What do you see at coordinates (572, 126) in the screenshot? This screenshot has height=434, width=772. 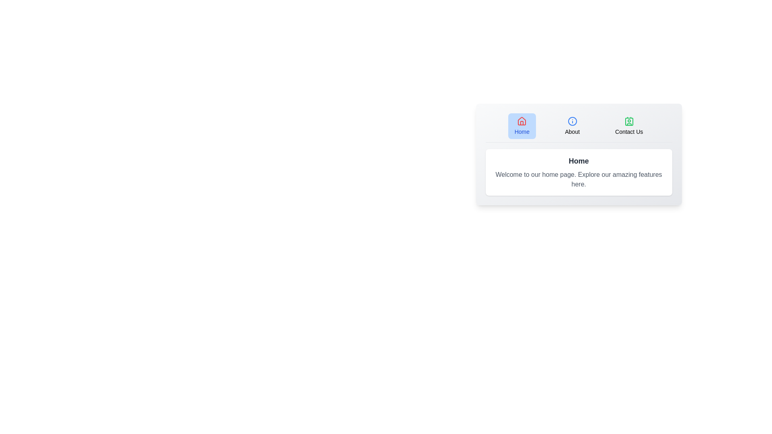 I see `the tab titled 'About' to observe the styling change` at bounding box center [572, 126].